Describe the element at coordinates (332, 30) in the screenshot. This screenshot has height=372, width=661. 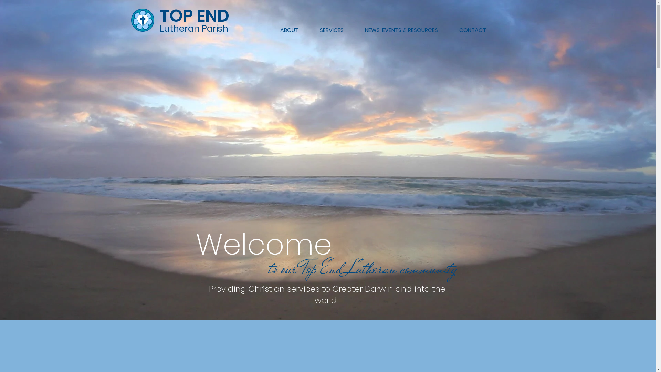
I see `'SERVICES'` at that location.